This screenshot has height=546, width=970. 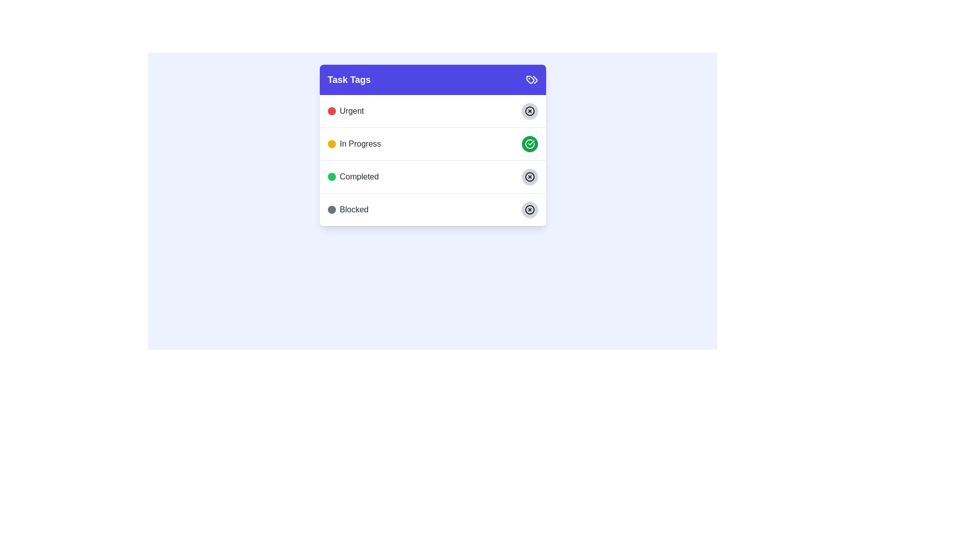 I want to click on displayed text from the 'In Progress' status label located in the second row of the 'Task Tags' panel, aligned to the right of the yellow circular status marker, so click(x=360, y=144).